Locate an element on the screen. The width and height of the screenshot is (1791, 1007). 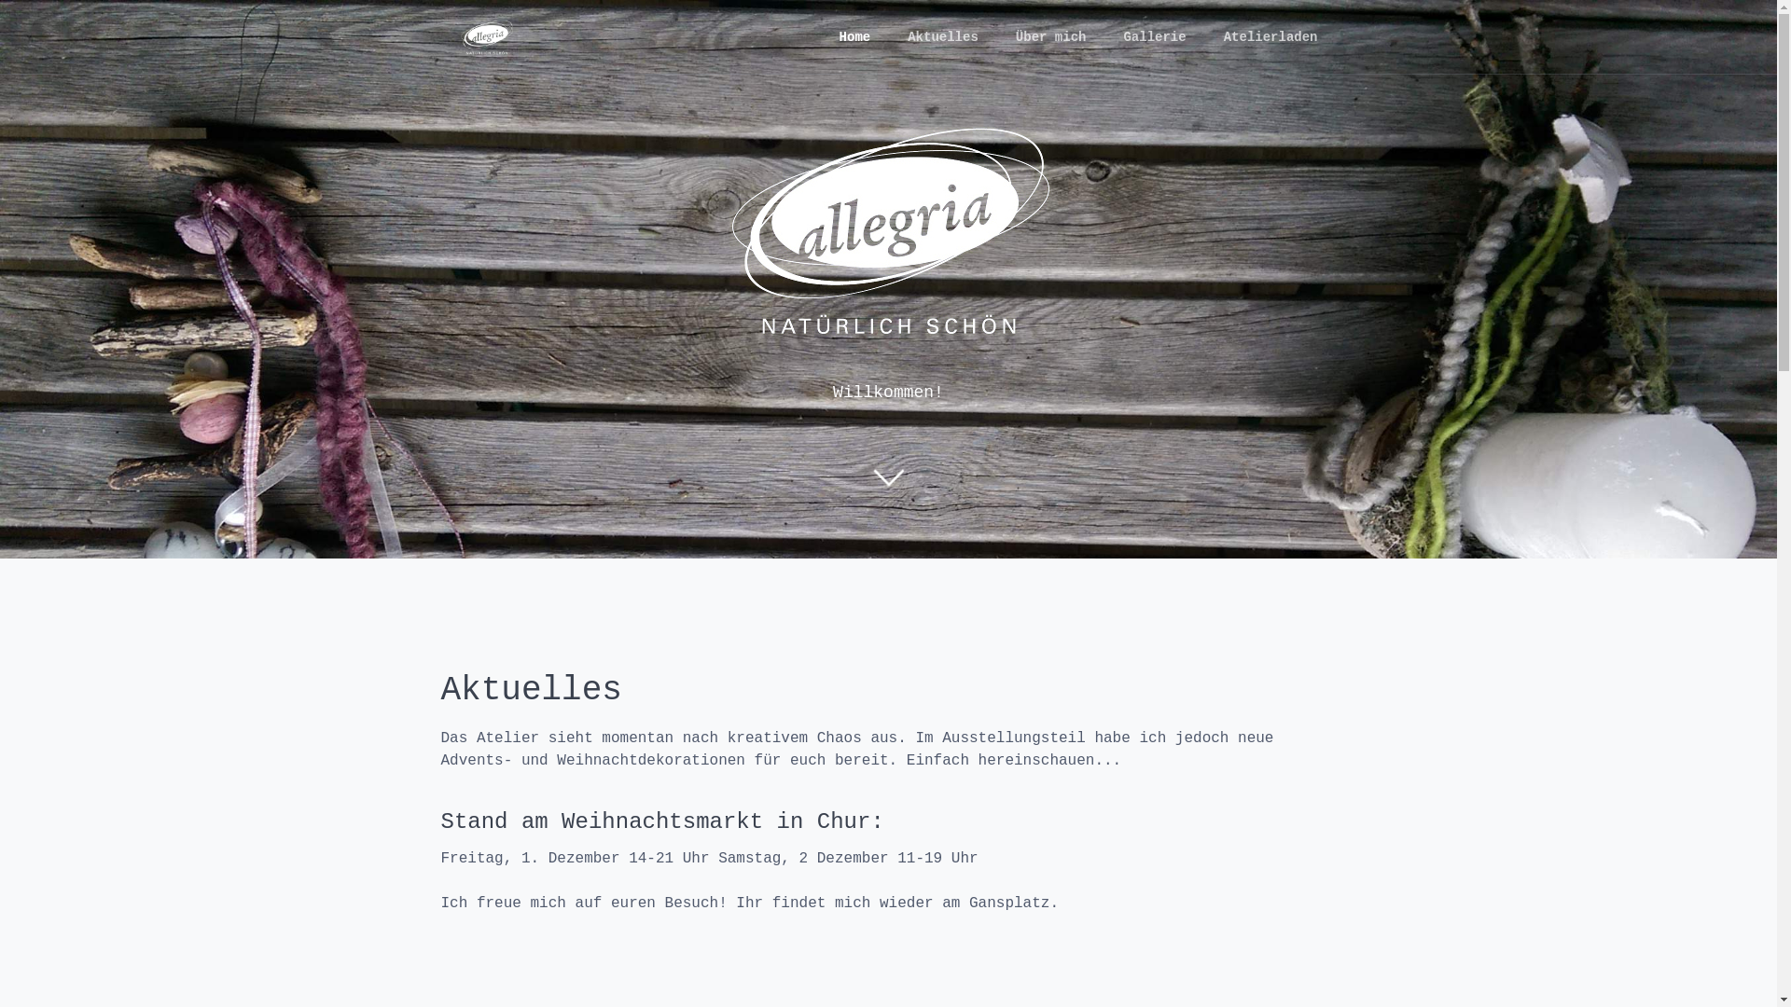
'Home' is located at coordinates (854, 36).